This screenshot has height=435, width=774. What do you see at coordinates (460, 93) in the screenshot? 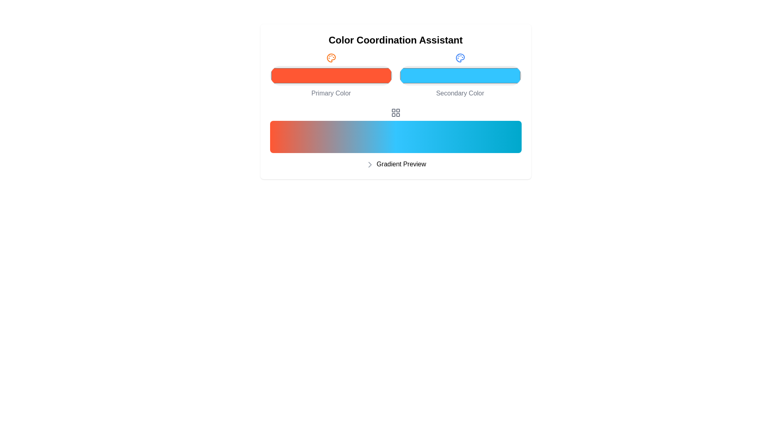
I see `the 'Secondary Color' text label, which is styled in light gray and positioned beneath the color selection interface` at bounding box center [460, 93].